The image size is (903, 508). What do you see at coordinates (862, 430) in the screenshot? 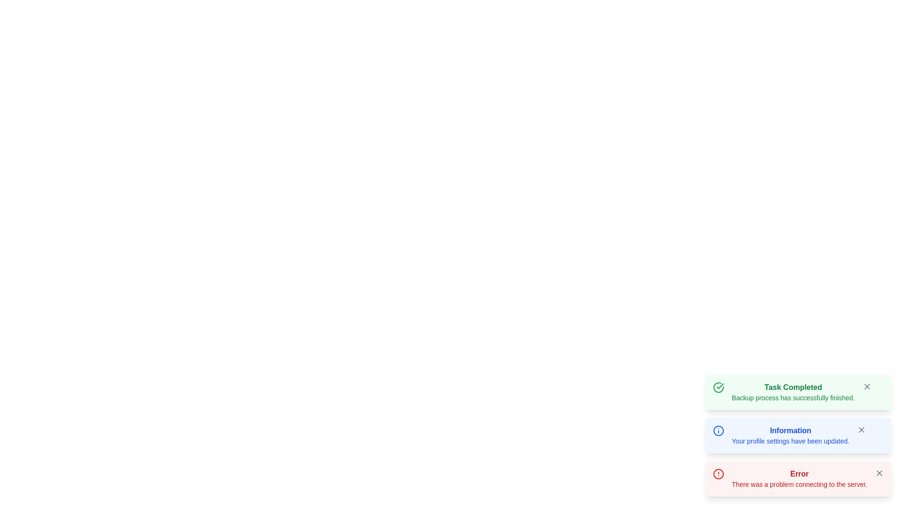
I see `the small gray cross (X) button located in the top-right corner of the blue notification box labeled 'Information'` at bounding box center [862, 430].